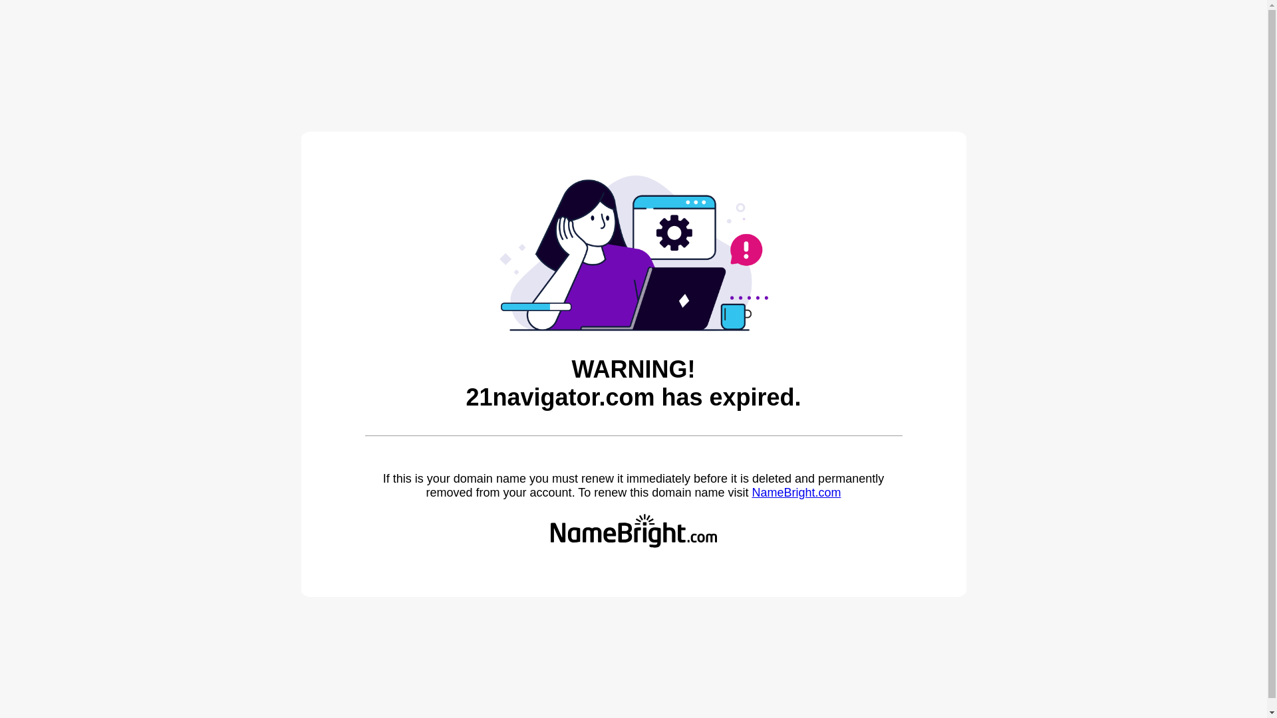  What do you see at coordinates (795, 492) in the screenshot?
I see `'NameBright.com'` at bounding box center [795, 492].